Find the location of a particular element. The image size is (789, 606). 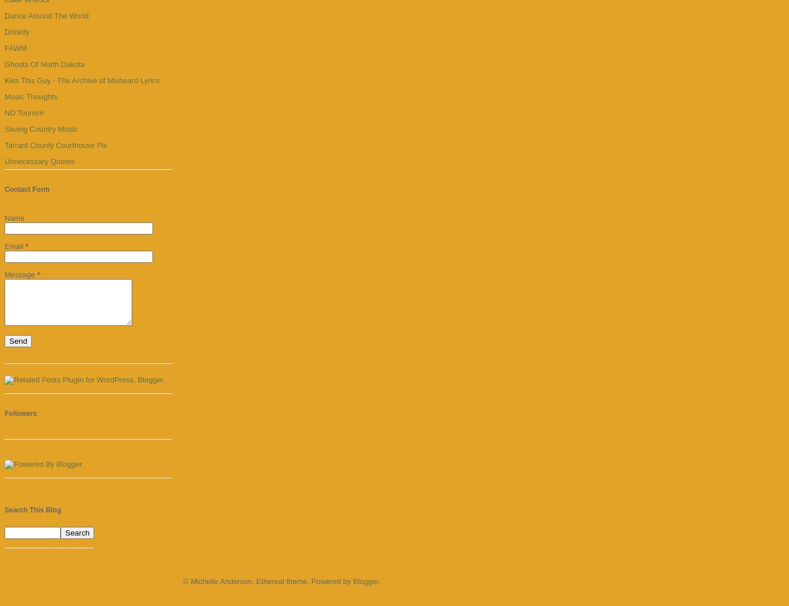

'Search This Blog' is located at coordinates (32, 509).